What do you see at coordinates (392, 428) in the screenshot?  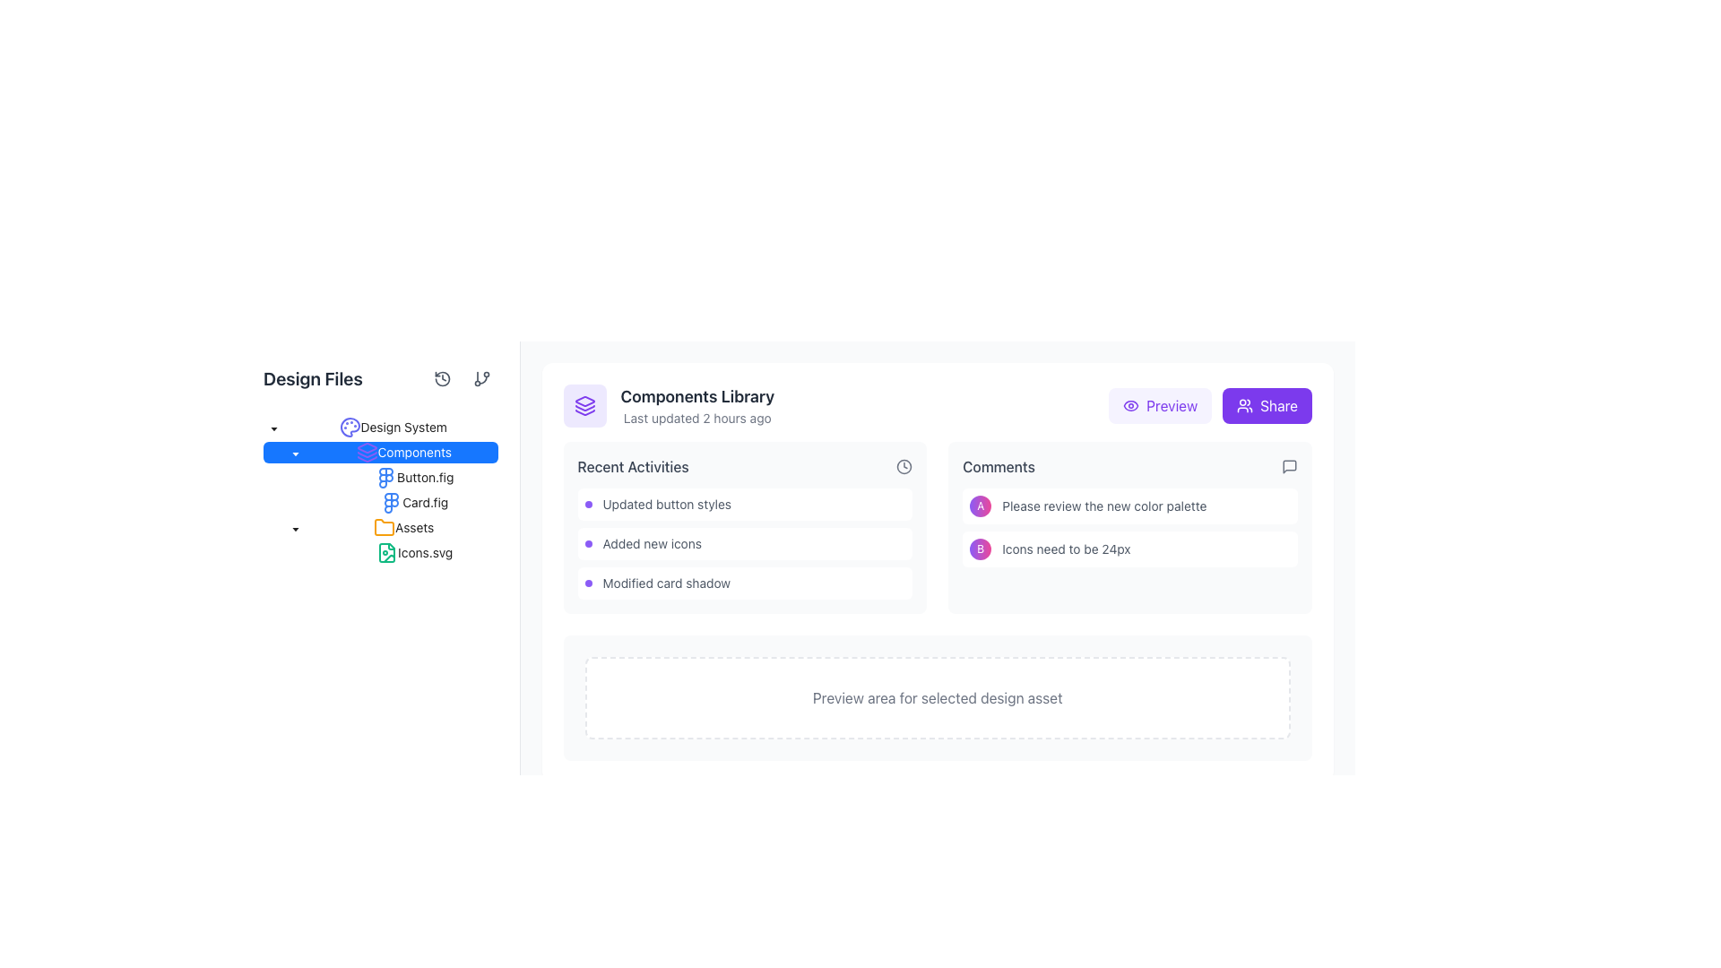 I see `the top-most tree node in the 'Design Files' section` at bounding box center [392, 428].